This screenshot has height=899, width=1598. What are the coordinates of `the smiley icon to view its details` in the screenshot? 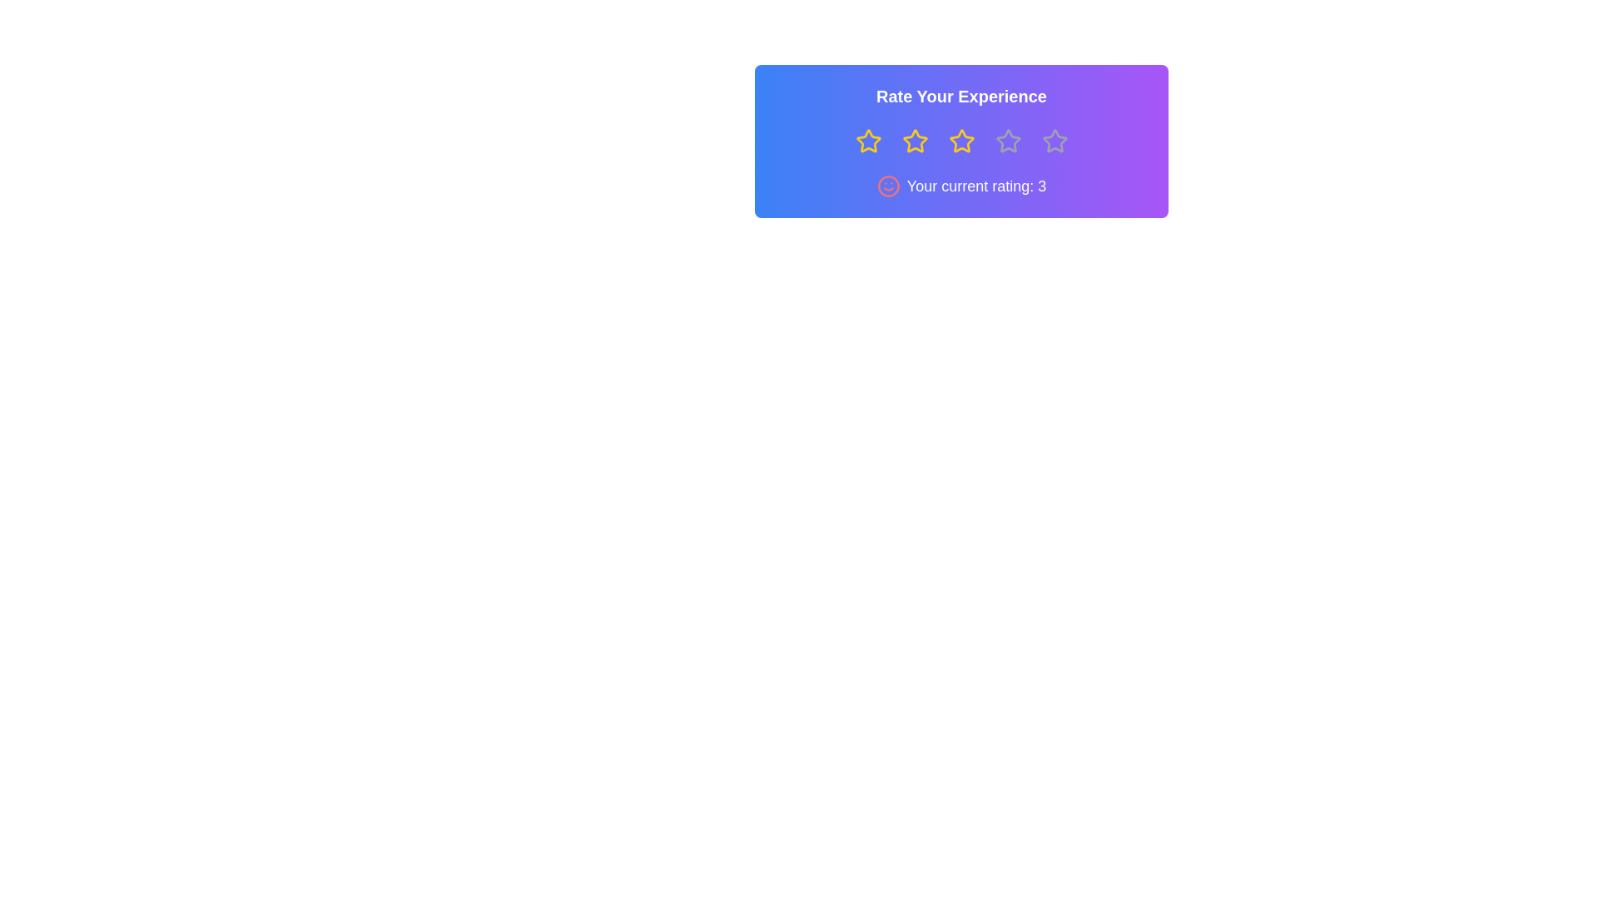 It's located at (887, 186).